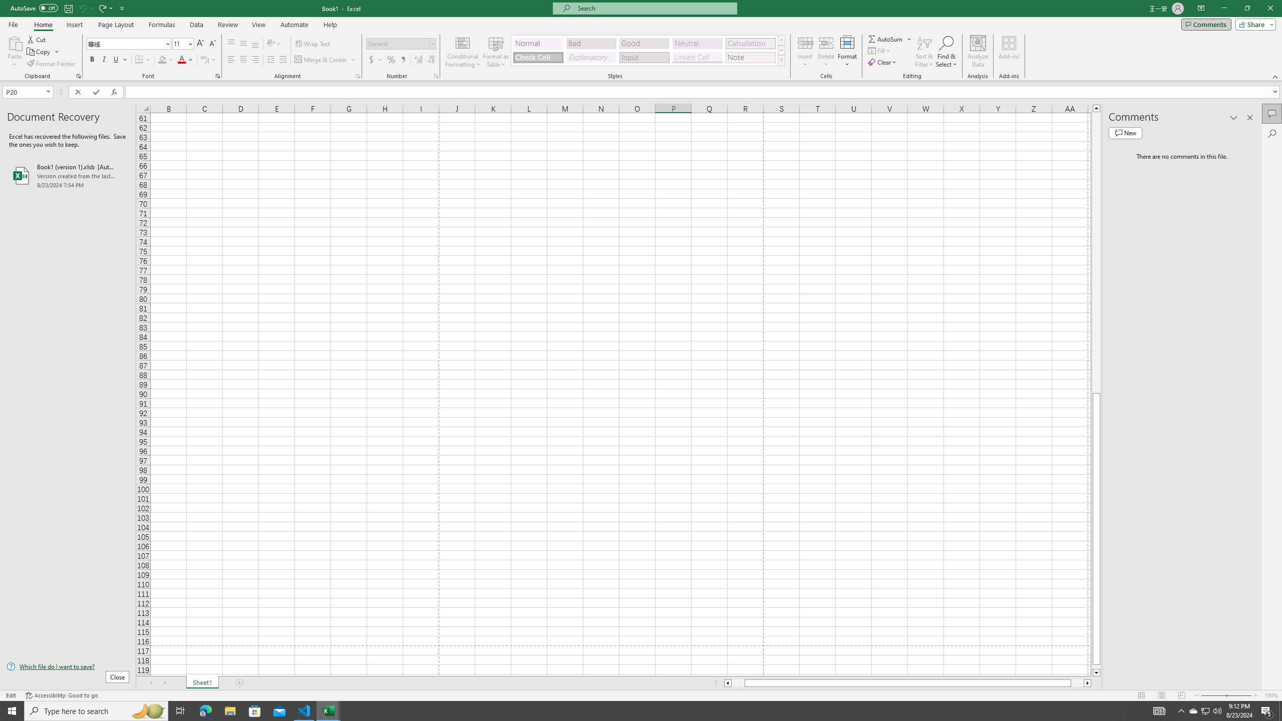 Image resolution: width=1282 pixels, height=721 pixels. Describe the element at coordinates (325, 59) in the screenshot. I see `'Merge & Center'` at that location.